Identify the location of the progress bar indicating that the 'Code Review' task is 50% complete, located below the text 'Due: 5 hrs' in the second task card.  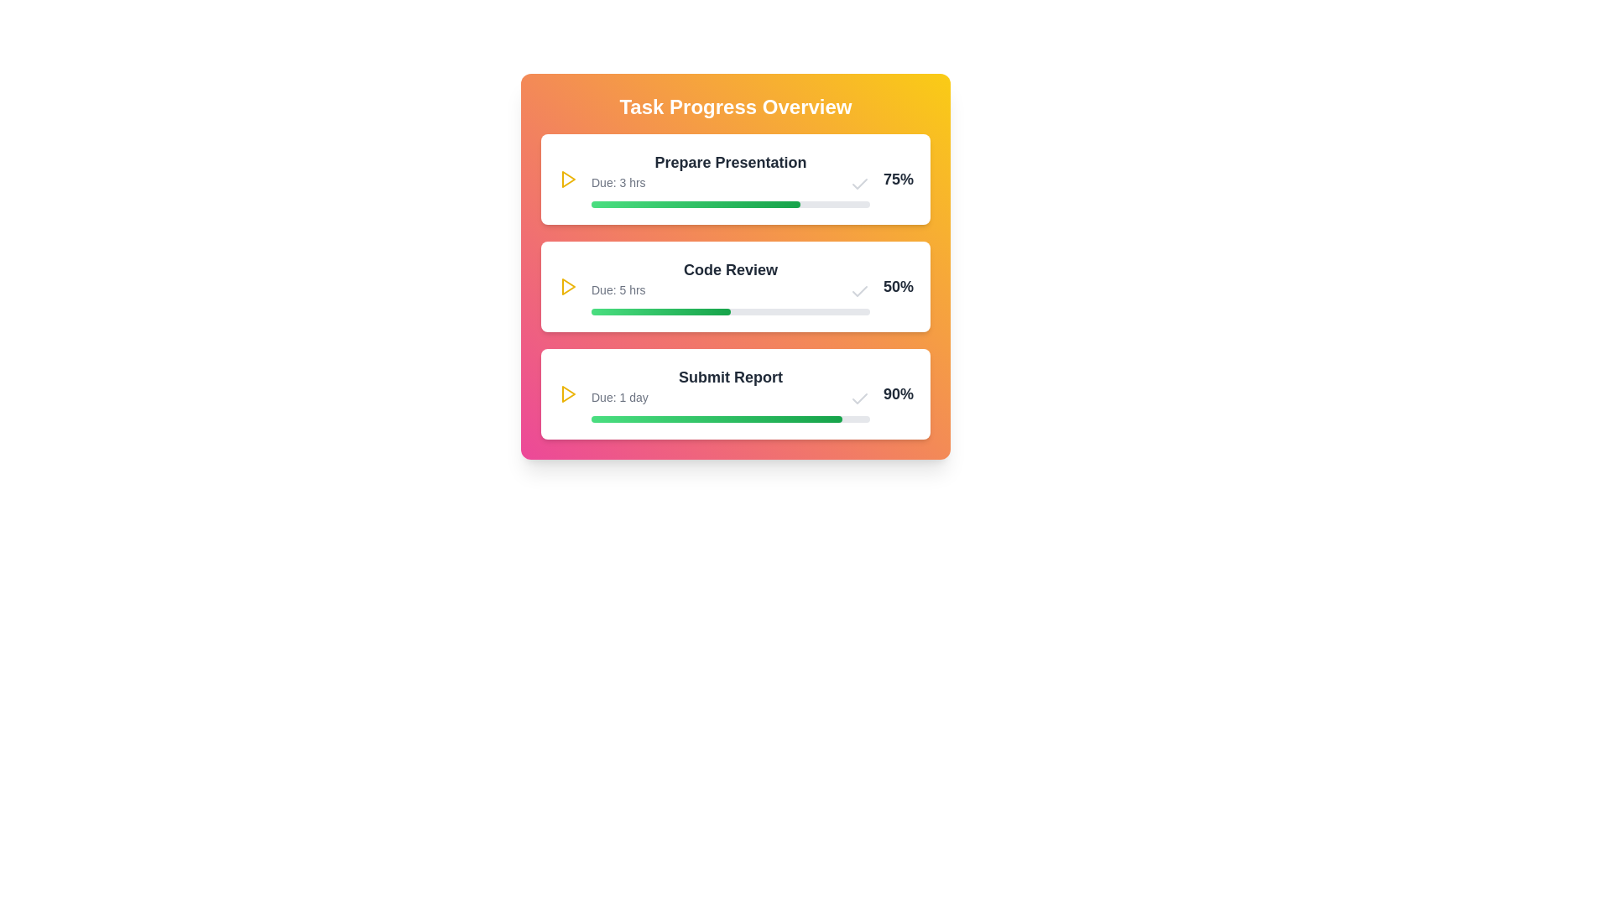
(660, 311).